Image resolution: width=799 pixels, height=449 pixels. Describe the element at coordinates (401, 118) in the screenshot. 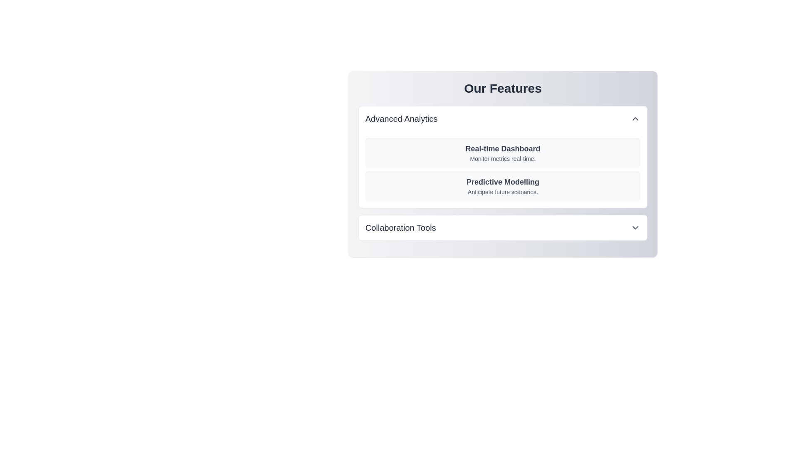

I see `the text label reading 'Advanced Analytics' which is styled with a dark gray color on a light gray background, located in the 'Our Features' section` at that location.